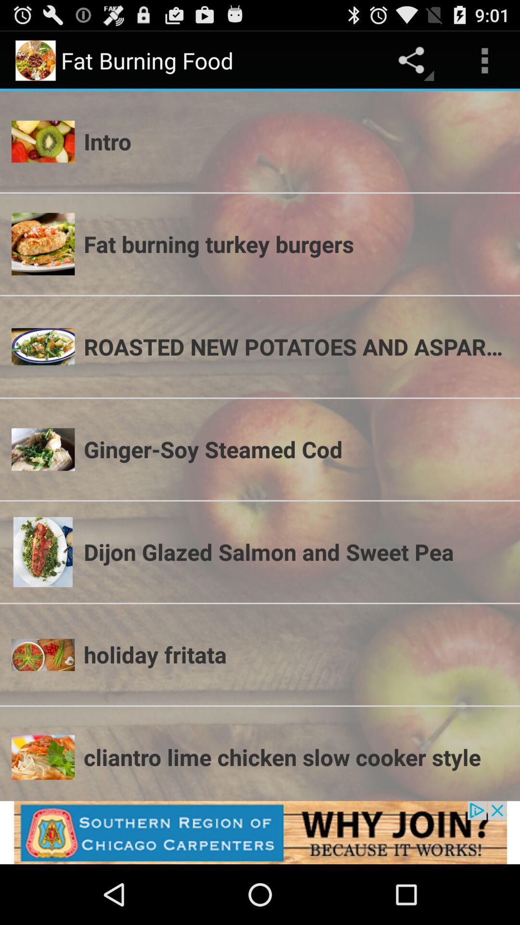  What do you see at coordinates (260, 832) in the screenshot?
I see `fat burning food` at bounding box center [260, 832].